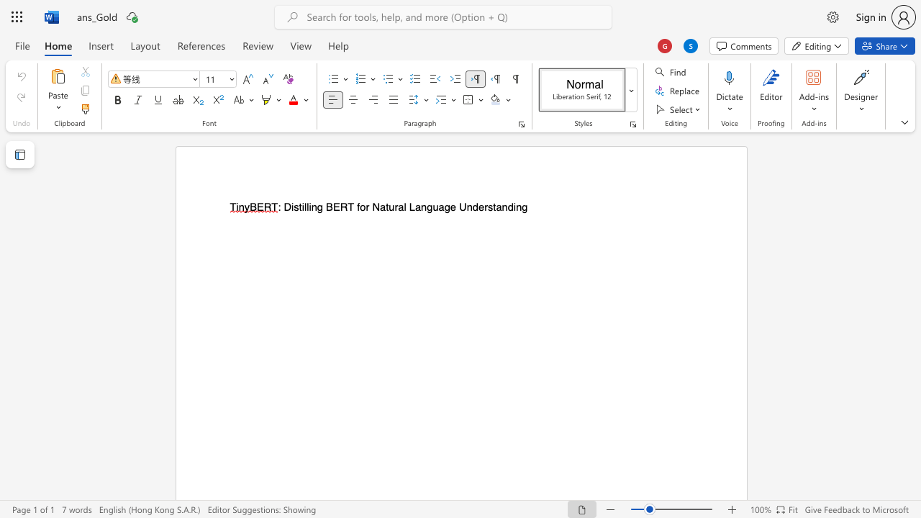 This screenshot has width=921, height=518. Describe the element at coordinates (303, 207) in the screenshot. I see `the space between the continuous character "i" and "l" in the text` at that location.